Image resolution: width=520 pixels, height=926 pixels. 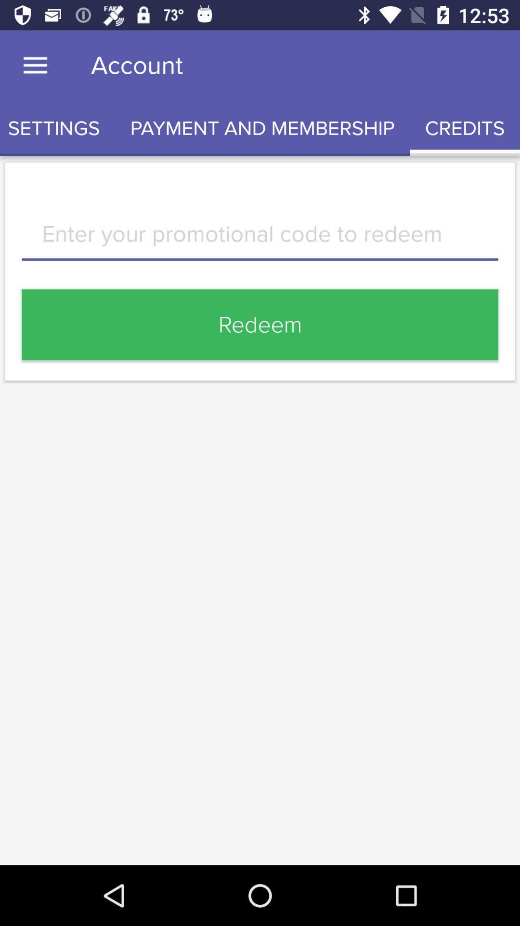 What do you see at coordinates (464, 128) in the screenshot?
I see `the item next to the payment and membership` at bounding box center [464, 128].